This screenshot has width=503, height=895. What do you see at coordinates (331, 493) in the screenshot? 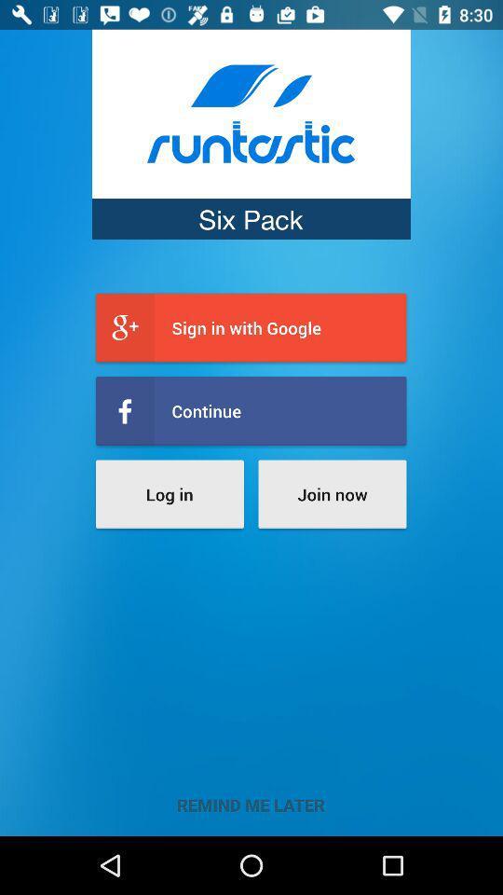
I see `the join now item` at bounding box center [331, 493].